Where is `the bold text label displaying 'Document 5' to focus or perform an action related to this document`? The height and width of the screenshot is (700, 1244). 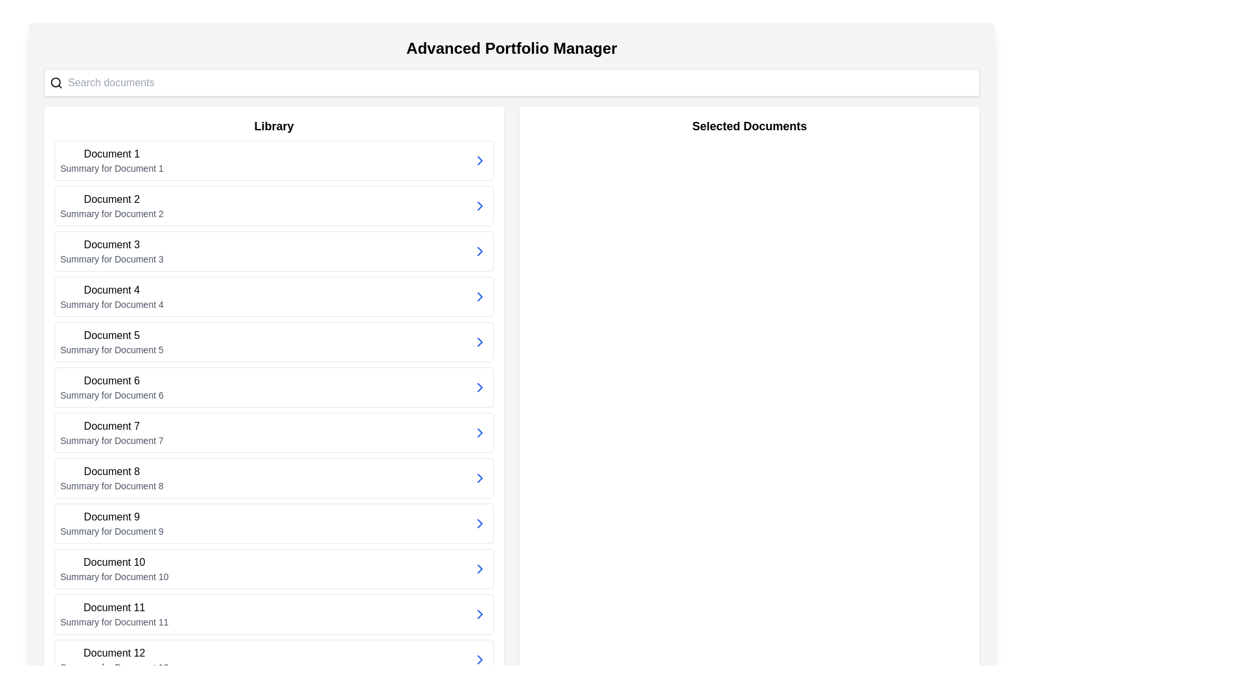 the bold text label displaying 'Document 5' to focus or perform an action related to this document is located at coordinates (111, 334).